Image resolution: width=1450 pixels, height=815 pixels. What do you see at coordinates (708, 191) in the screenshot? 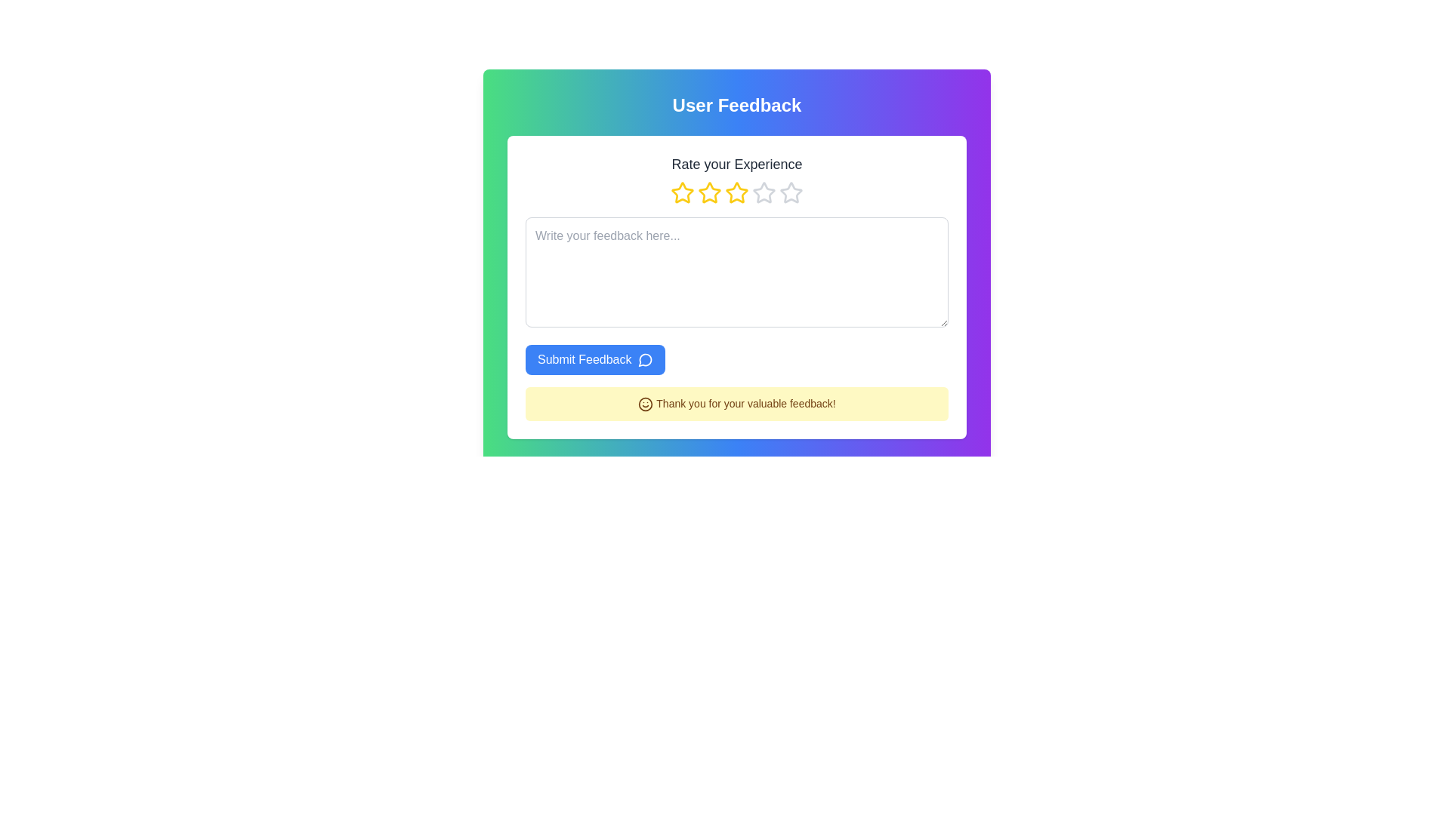
I see `on the second hollow star-shaped icon with a yellow border in the 'Rate your Experience' section` at bounding box center [708, 191].